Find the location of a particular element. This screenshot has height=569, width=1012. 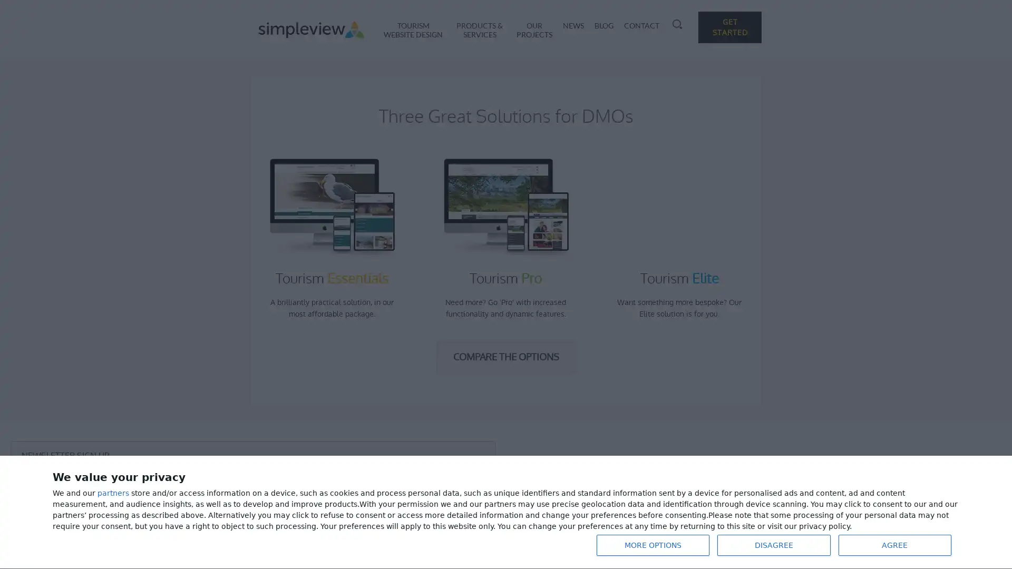

MORE OPTIONS is located at coordinates (652, 545).